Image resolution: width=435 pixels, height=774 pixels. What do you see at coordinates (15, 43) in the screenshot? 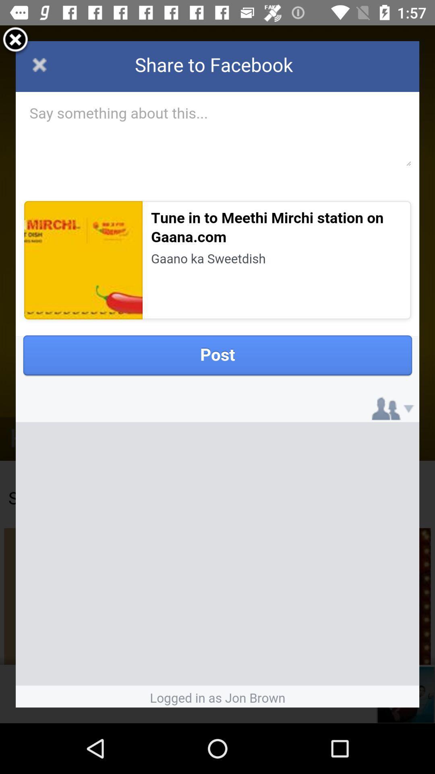
I see `the close icon` at bounding box center [15, 43].